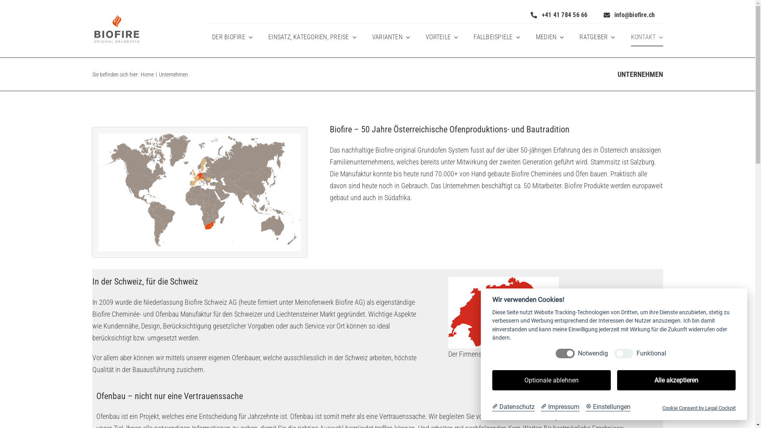 This screenshot has width=761, height=428. Describe the element at coordinates (474, 37) in the screenshot. I see `'FALLBEISPIELE'` at that location.